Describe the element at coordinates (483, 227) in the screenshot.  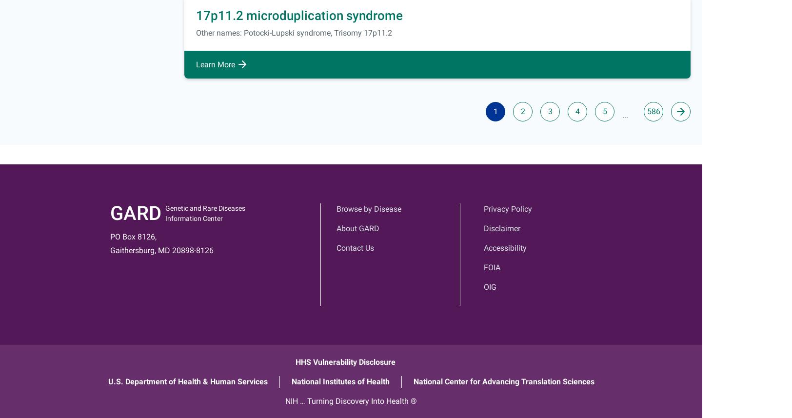
I see `'Disclaimer'` at that location.